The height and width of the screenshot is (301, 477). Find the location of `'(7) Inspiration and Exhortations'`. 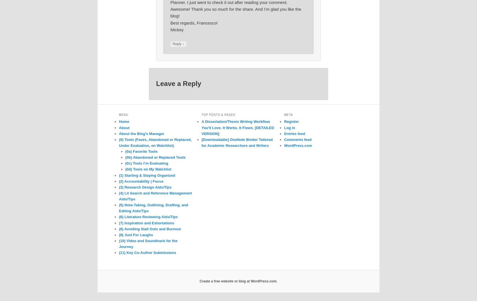

'(7) Inspiration and Exhortations' is located at coordinates (146, 223).